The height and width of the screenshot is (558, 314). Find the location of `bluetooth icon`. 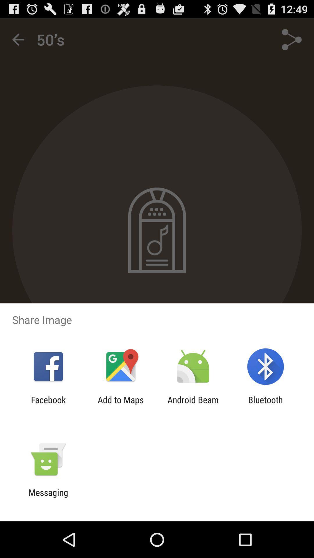

bluetooth icon is located at coordinates (265, 405).